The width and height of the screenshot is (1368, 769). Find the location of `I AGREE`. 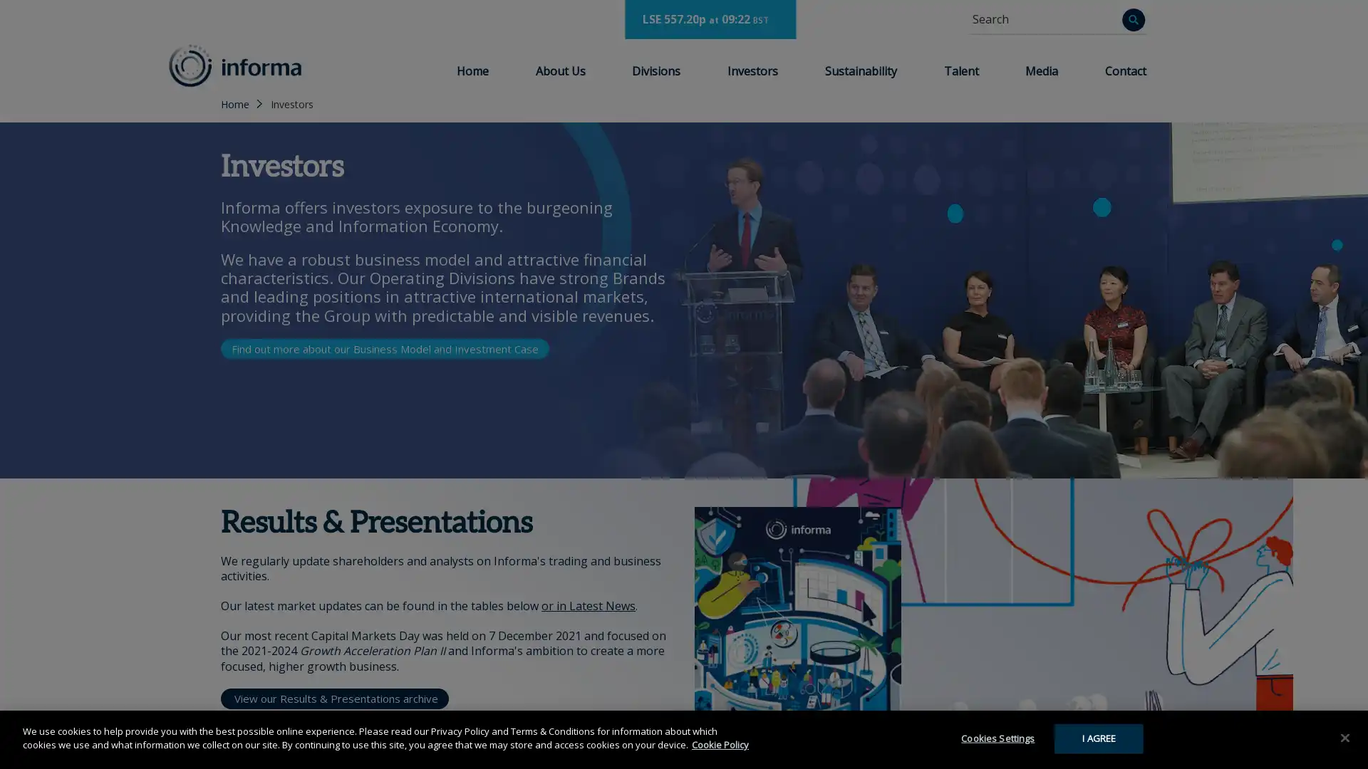

I AGREE is located at coordinates (1098, 738).